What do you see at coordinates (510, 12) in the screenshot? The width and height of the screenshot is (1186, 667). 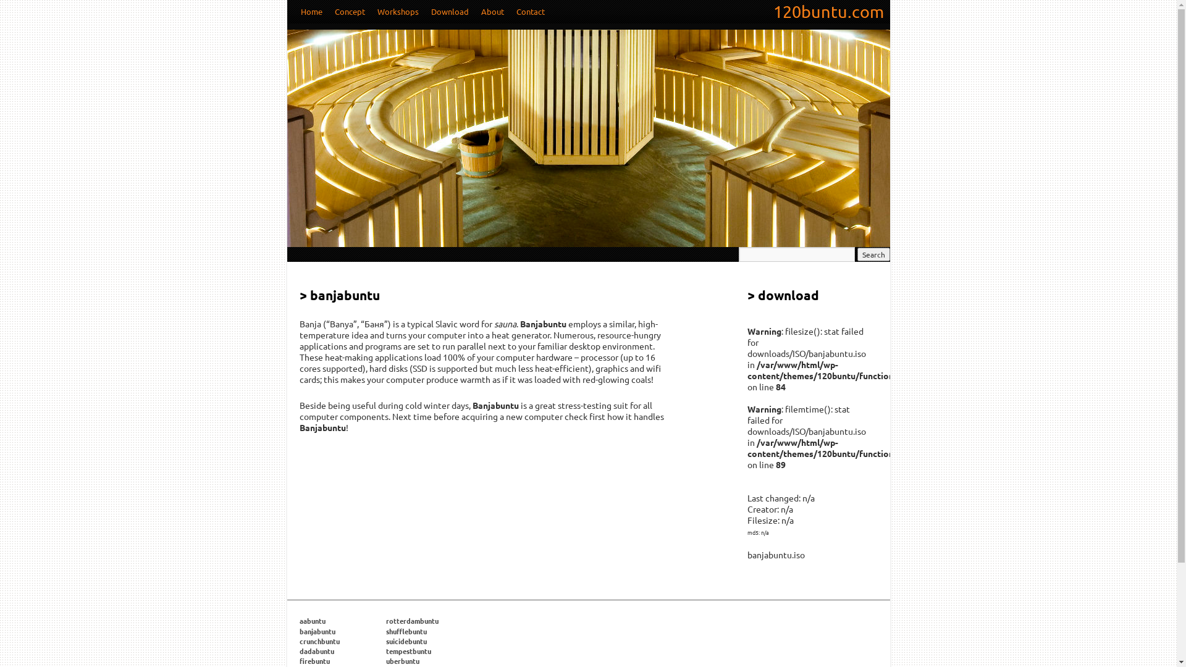 I see `'Contact'` at bounding box center [510, 12].